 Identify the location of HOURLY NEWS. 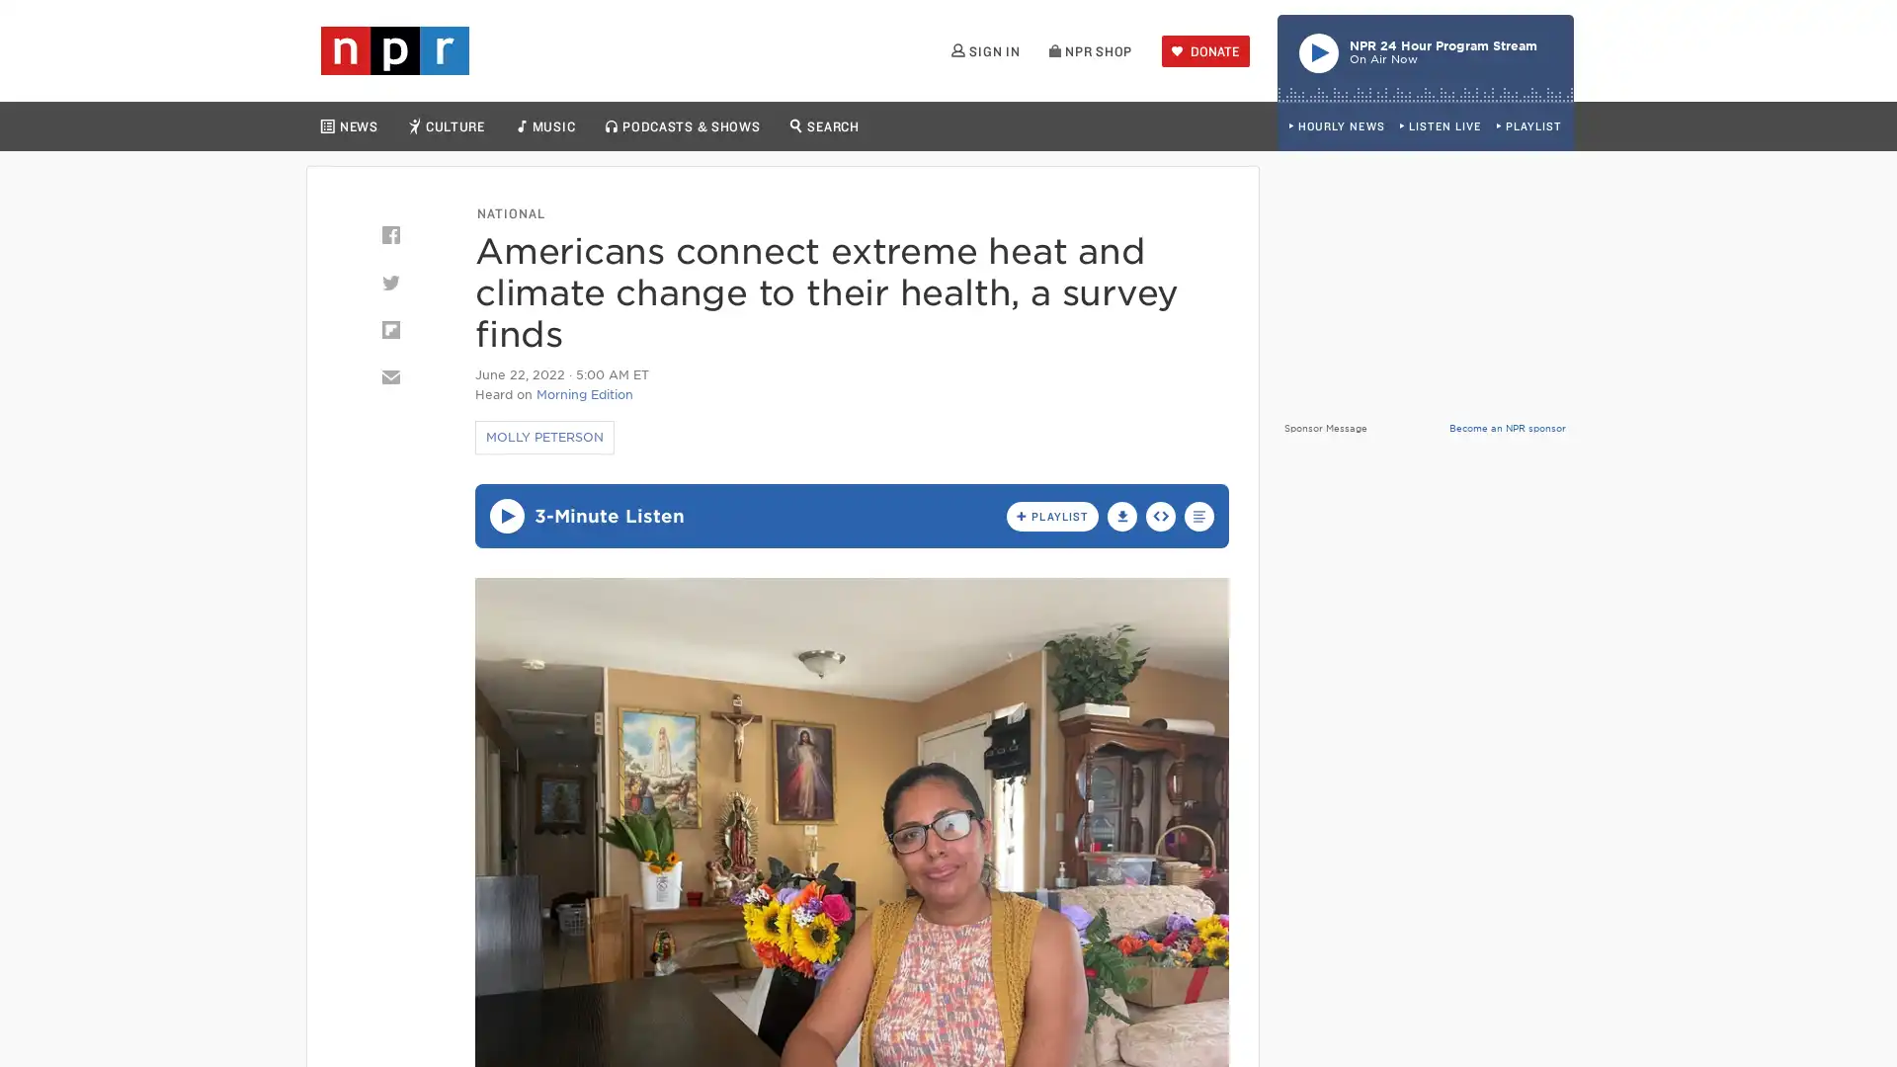
(1336, 126).